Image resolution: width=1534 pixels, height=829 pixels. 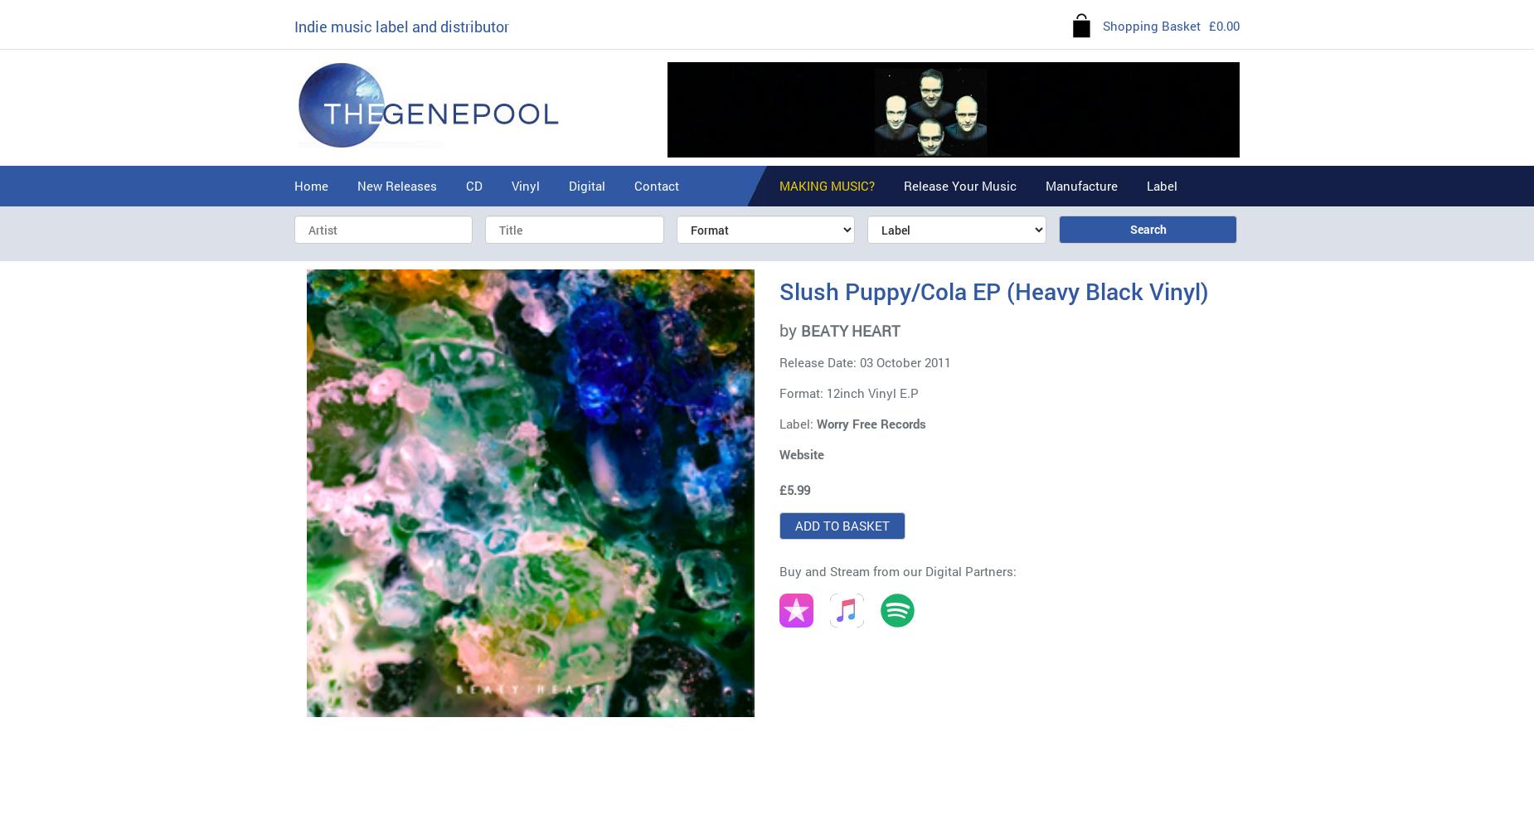 I want to click on '£0.00', so click(x=1224, y=26).